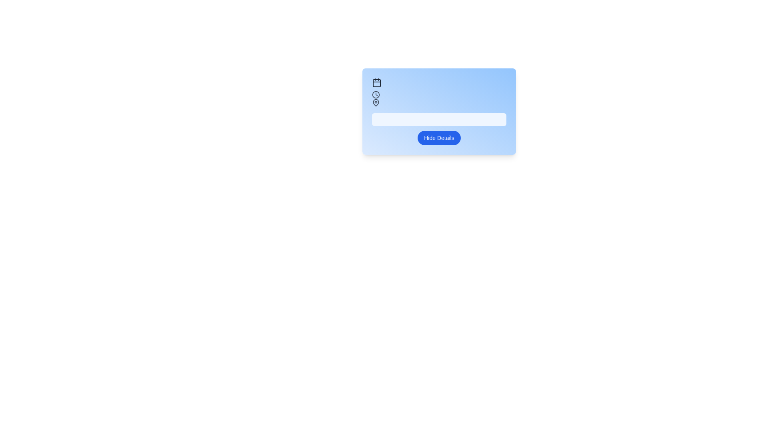 This screenshot has width=768, height=432. Describe the element at coordinates (376, 94) in the screenshot. I see `the middle icon in the vertical stack on the blue rectangular card` at that location.